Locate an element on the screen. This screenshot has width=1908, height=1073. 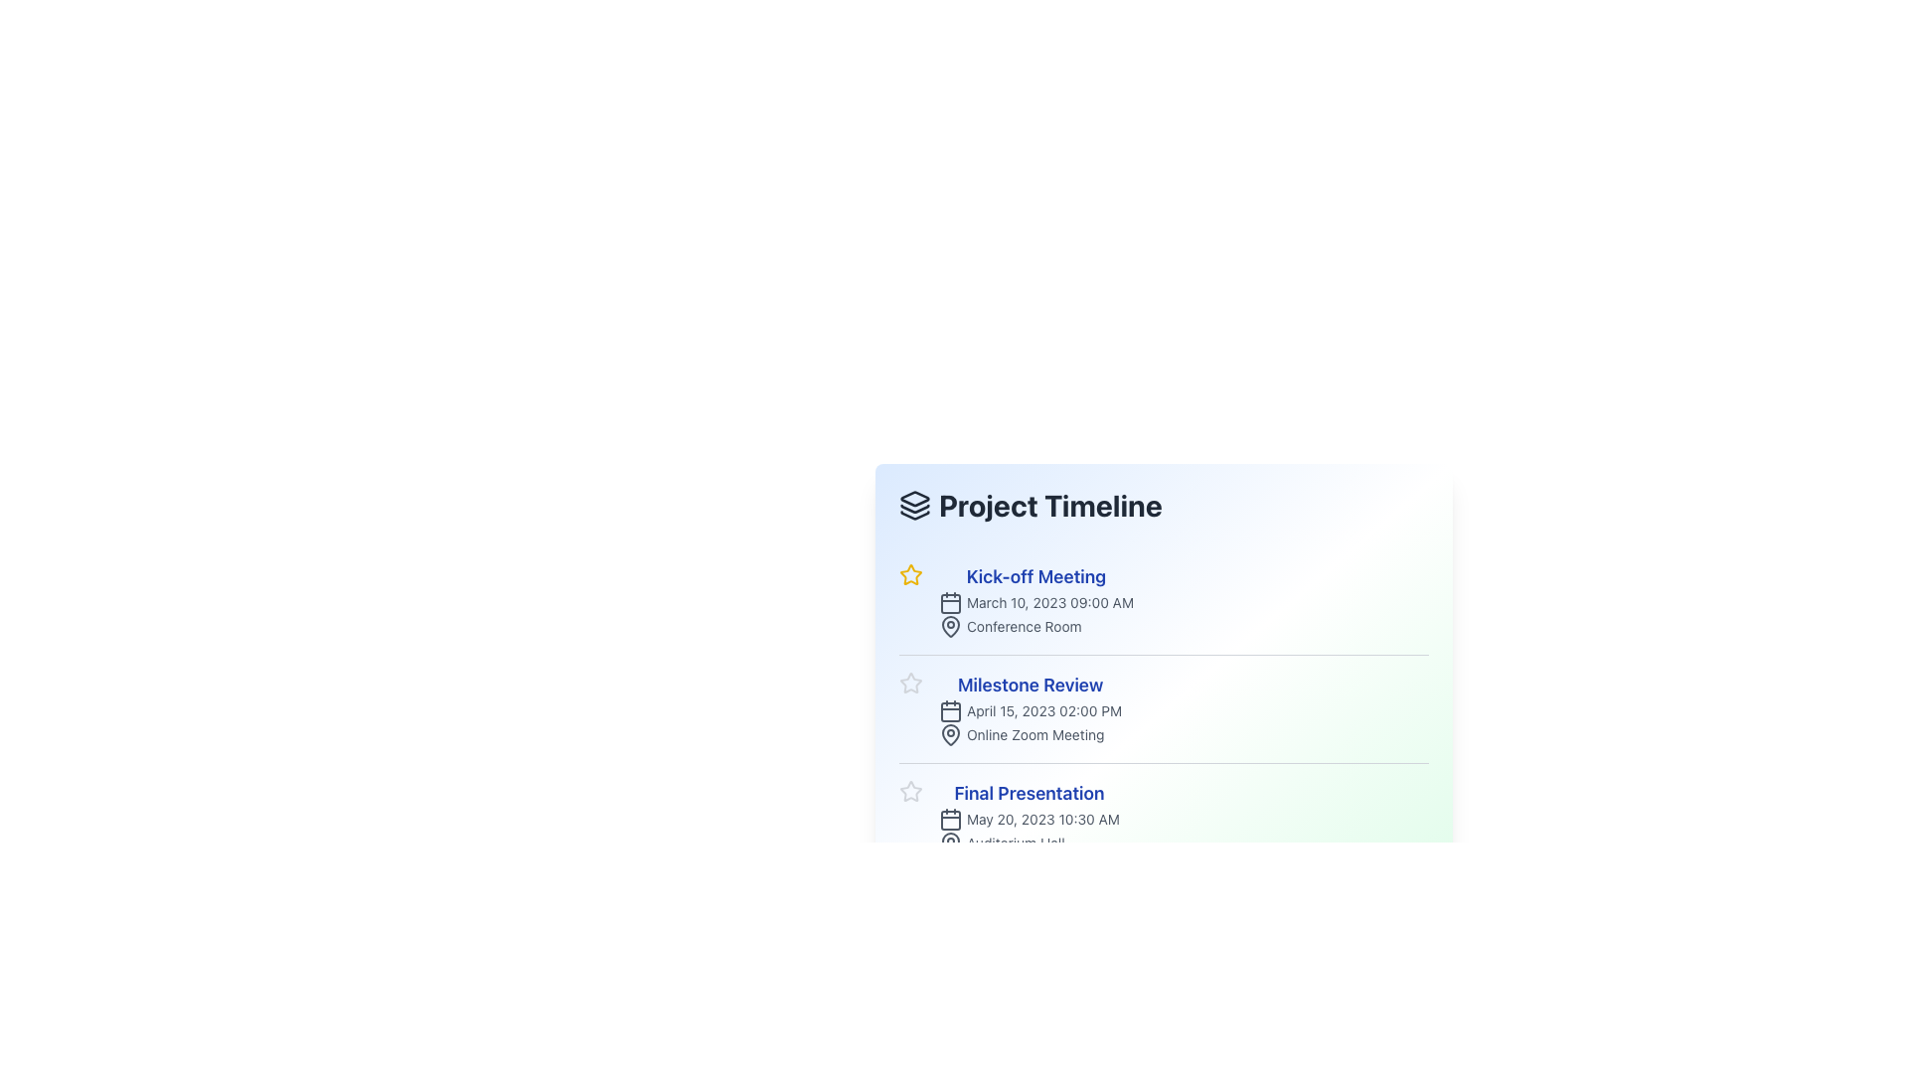
the icon styled as a stack of layers located to the left of the text 'Project Timeline' is located at coordinates (914, 505).